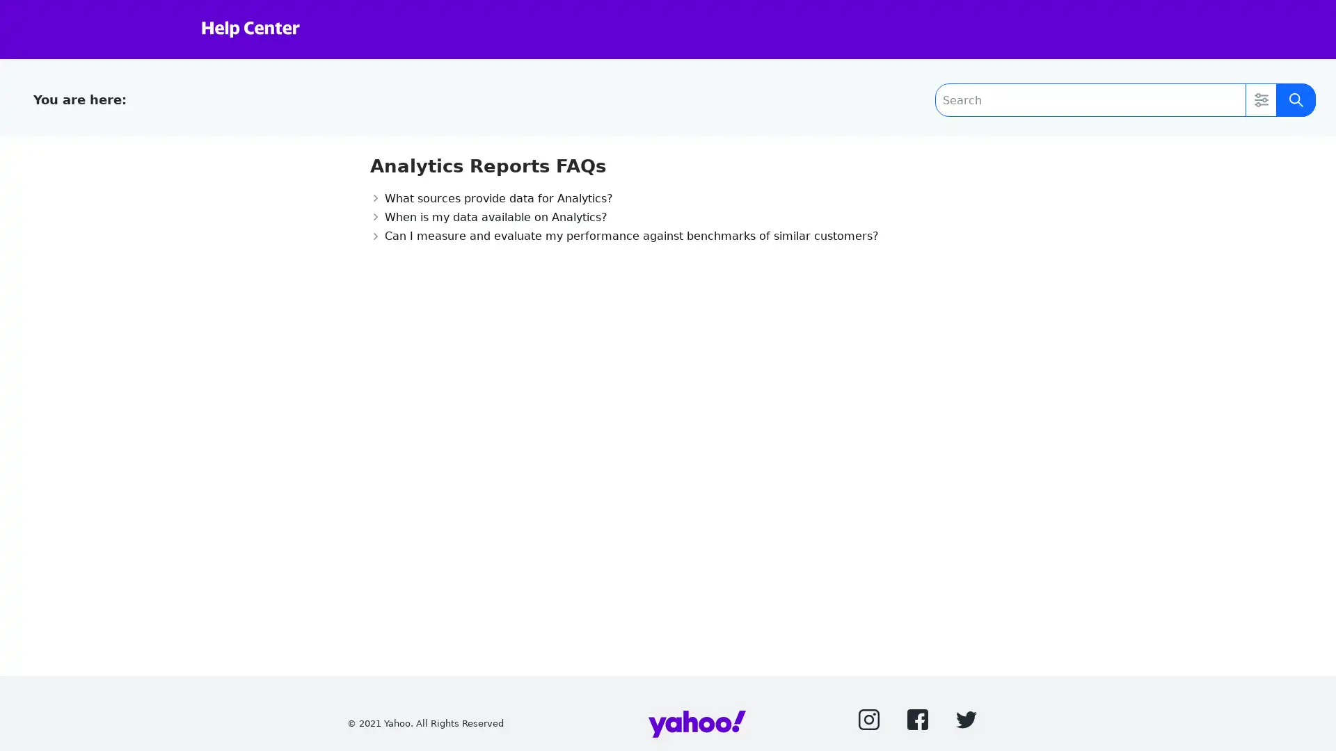 The image size is (1336, 751). What do you see at coordinates (623, 235) in the screenshot?
I see `Closed Can I measure and evaluate my performance against benchmarks of similar customers?` at bounding box center [623, 235].